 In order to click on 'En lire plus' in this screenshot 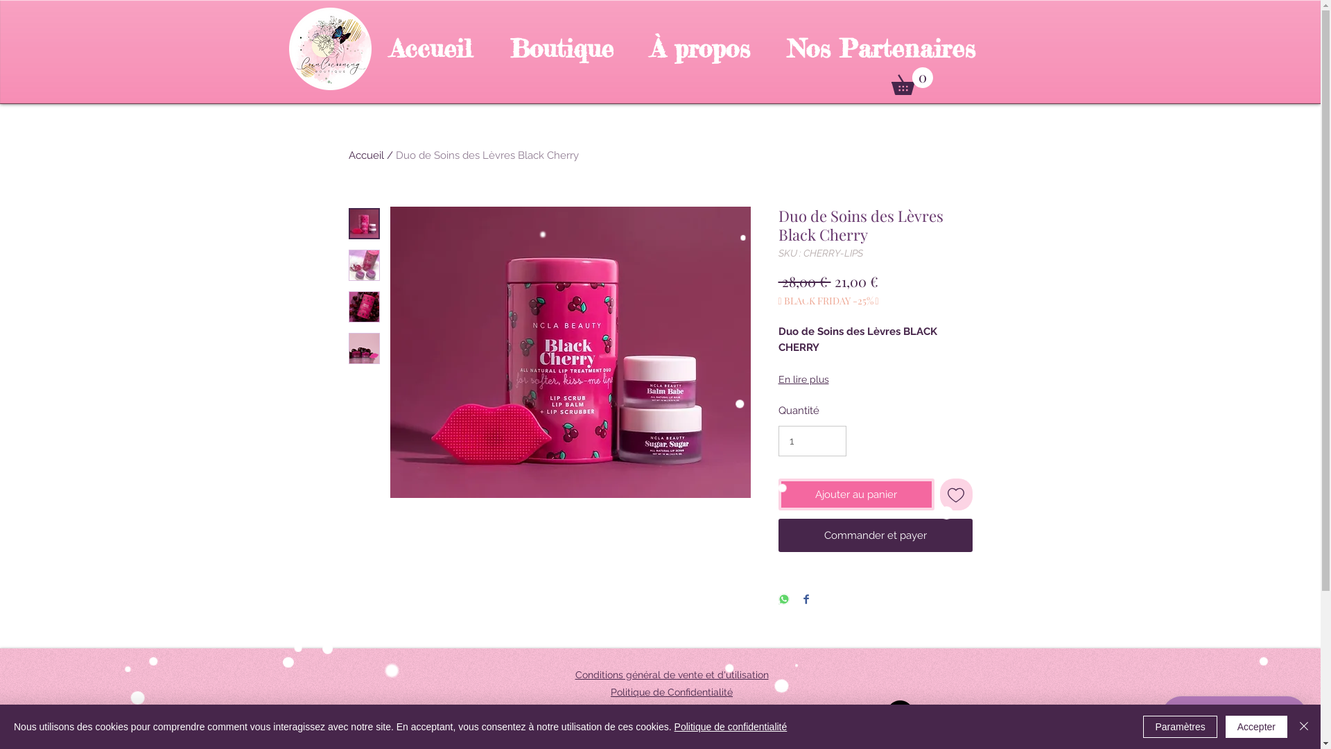, I will do `click(874, 379)`.